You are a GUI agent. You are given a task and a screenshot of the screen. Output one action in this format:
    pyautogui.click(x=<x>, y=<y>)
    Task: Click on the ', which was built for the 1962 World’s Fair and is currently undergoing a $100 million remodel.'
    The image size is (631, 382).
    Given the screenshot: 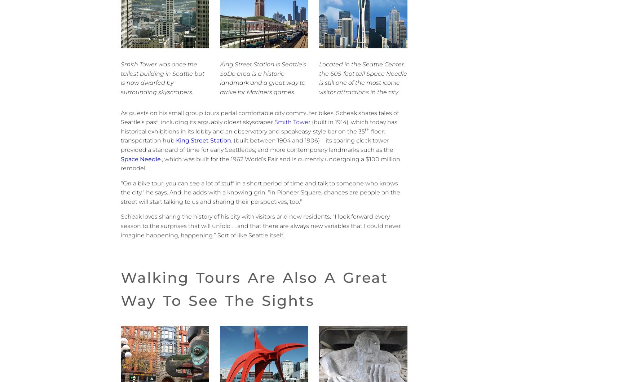 What is the action you would take?
    pyautogui.click(x=260, y=163)
    